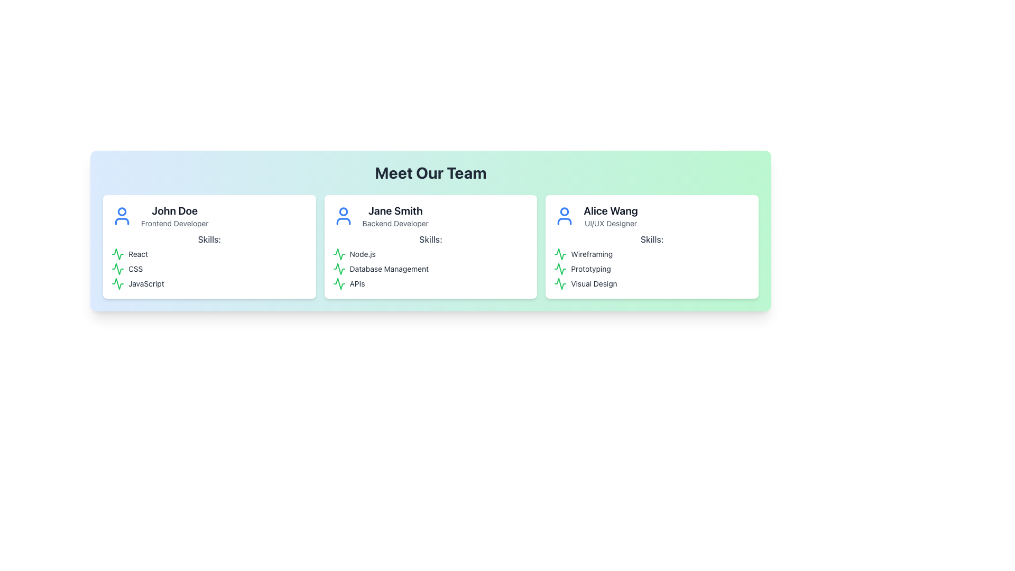  Describe the element at coordinates (611, 215) in the screenshot. I see `information displayed in the text label that identifies a team member's name and their role within the organization, located in the rightmost card under 'Meet Our Team'` at that location.